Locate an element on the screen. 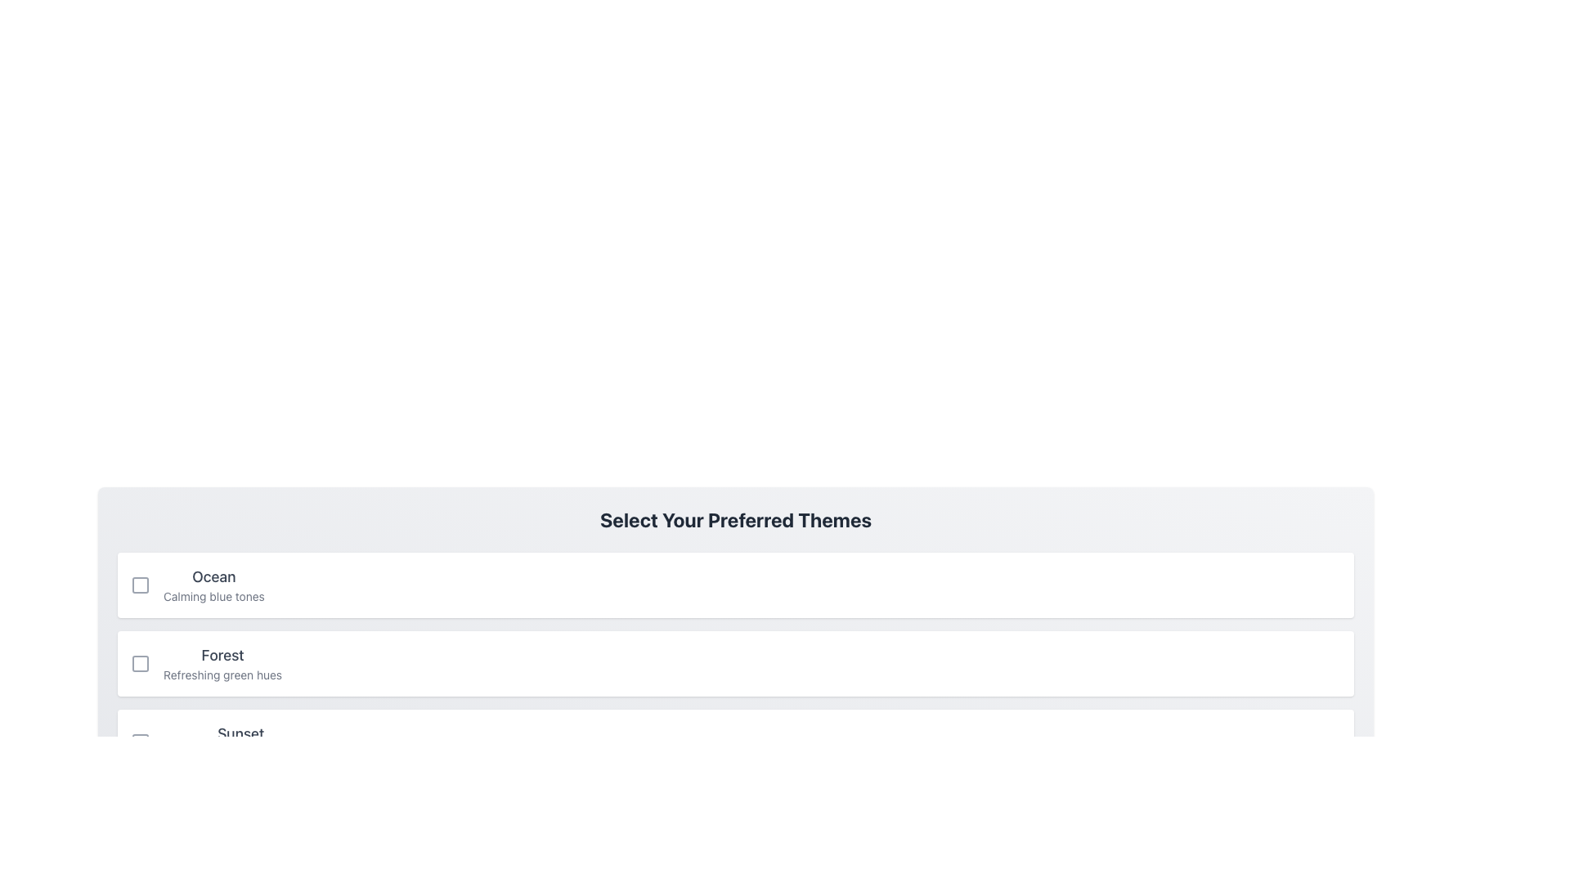  the text label displaying 'Calming blue tones' is located at coordinates (213, 596).